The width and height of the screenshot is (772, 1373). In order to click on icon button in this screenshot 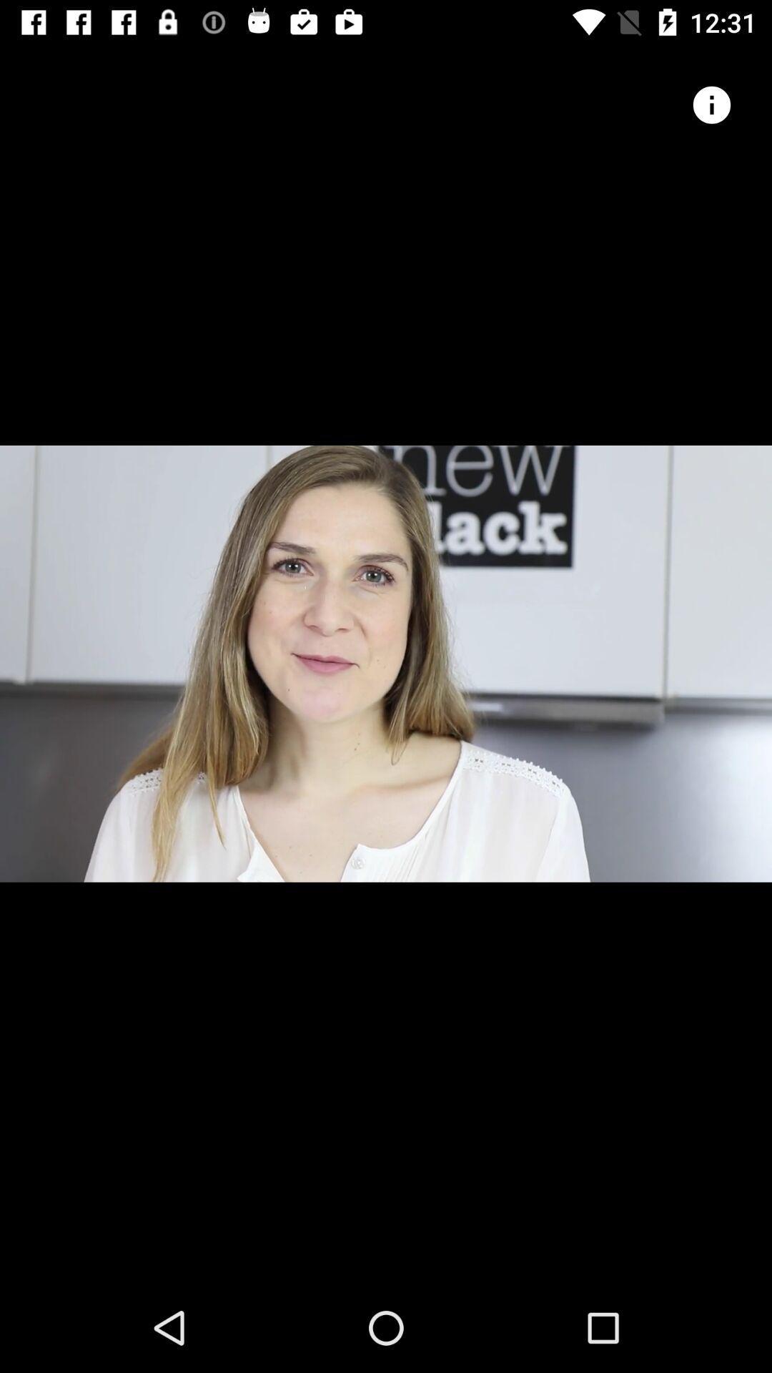, I will do `click(711, 104)`.